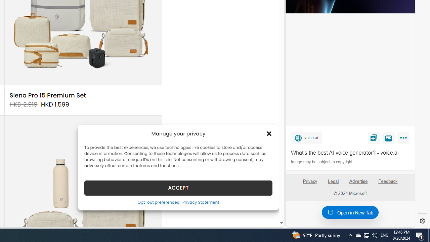 This screenshot has height=242, width=430. What do you see at coordinates (358, 181) in the screenshot?
I see `'Advertise'` at bounding box center [358, 181].